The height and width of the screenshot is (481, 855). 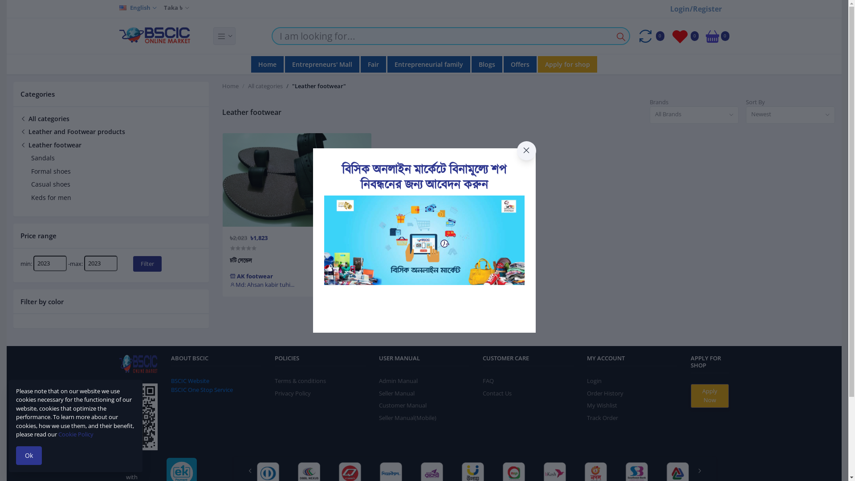 I want to click on 'Track Order', so click(x=603, y=417).